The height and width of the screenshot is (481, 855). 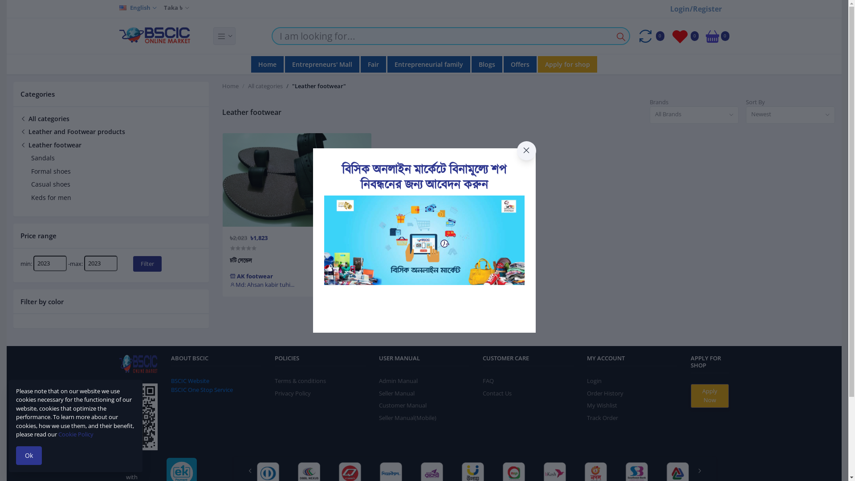 I want to click on 'Track Order', so click(x=603, y=417).